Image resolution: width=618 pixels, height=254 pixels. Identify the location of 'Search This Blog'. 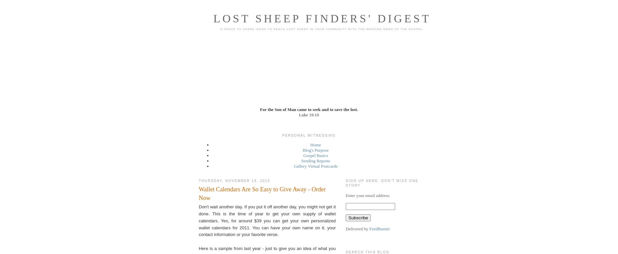
(367, 252).